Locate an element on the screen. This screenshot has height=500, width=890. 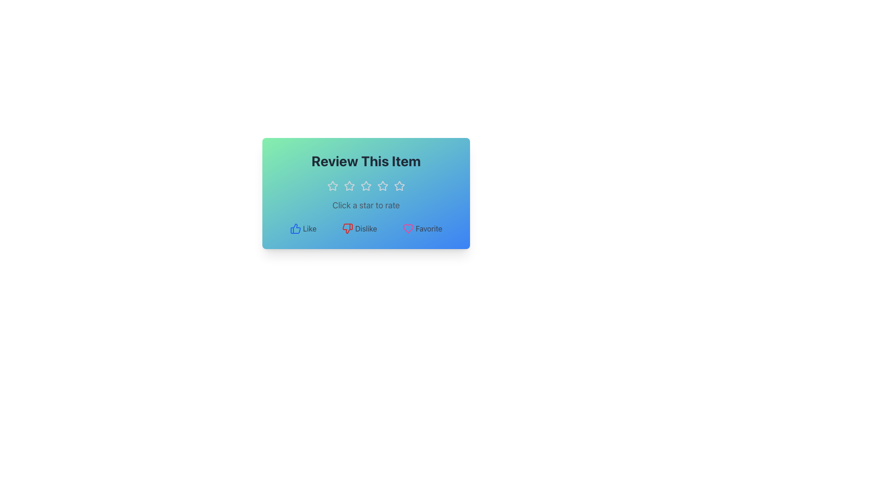
text label that serves as a title or prompt above the rating options, providing context for user interaction is located at coordinates (366, 160).